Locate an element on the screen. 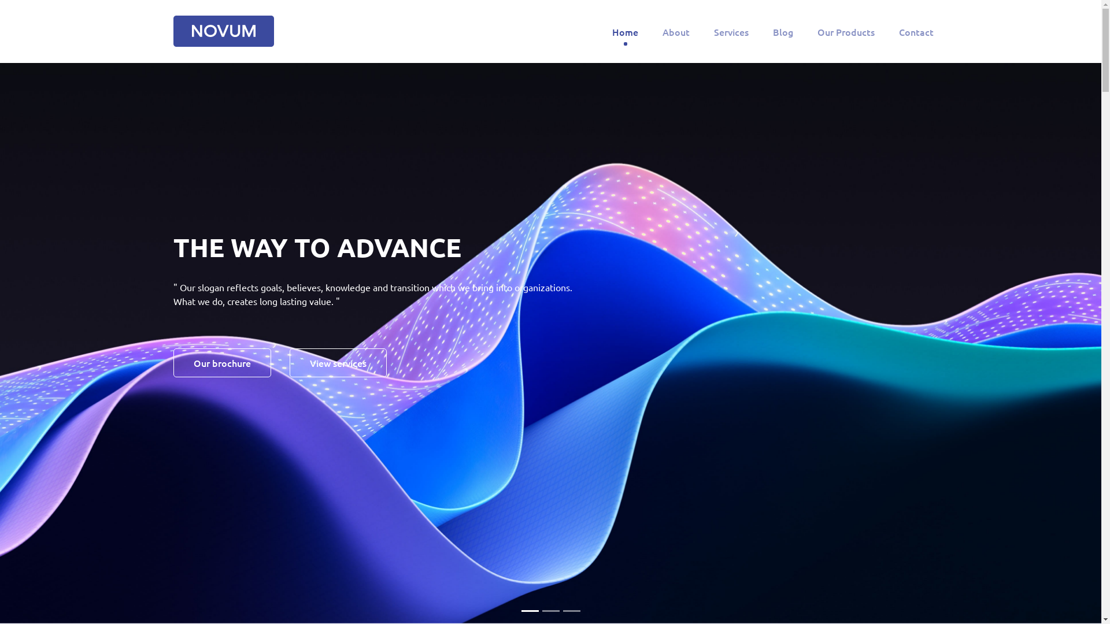  'About' is located at coordinates (676, 31).